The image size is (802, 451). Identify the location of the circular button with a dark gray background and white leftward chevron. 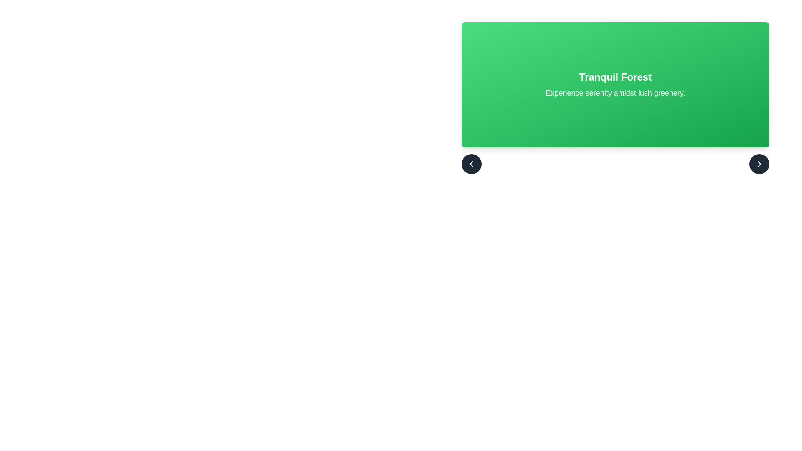
(471, 164).